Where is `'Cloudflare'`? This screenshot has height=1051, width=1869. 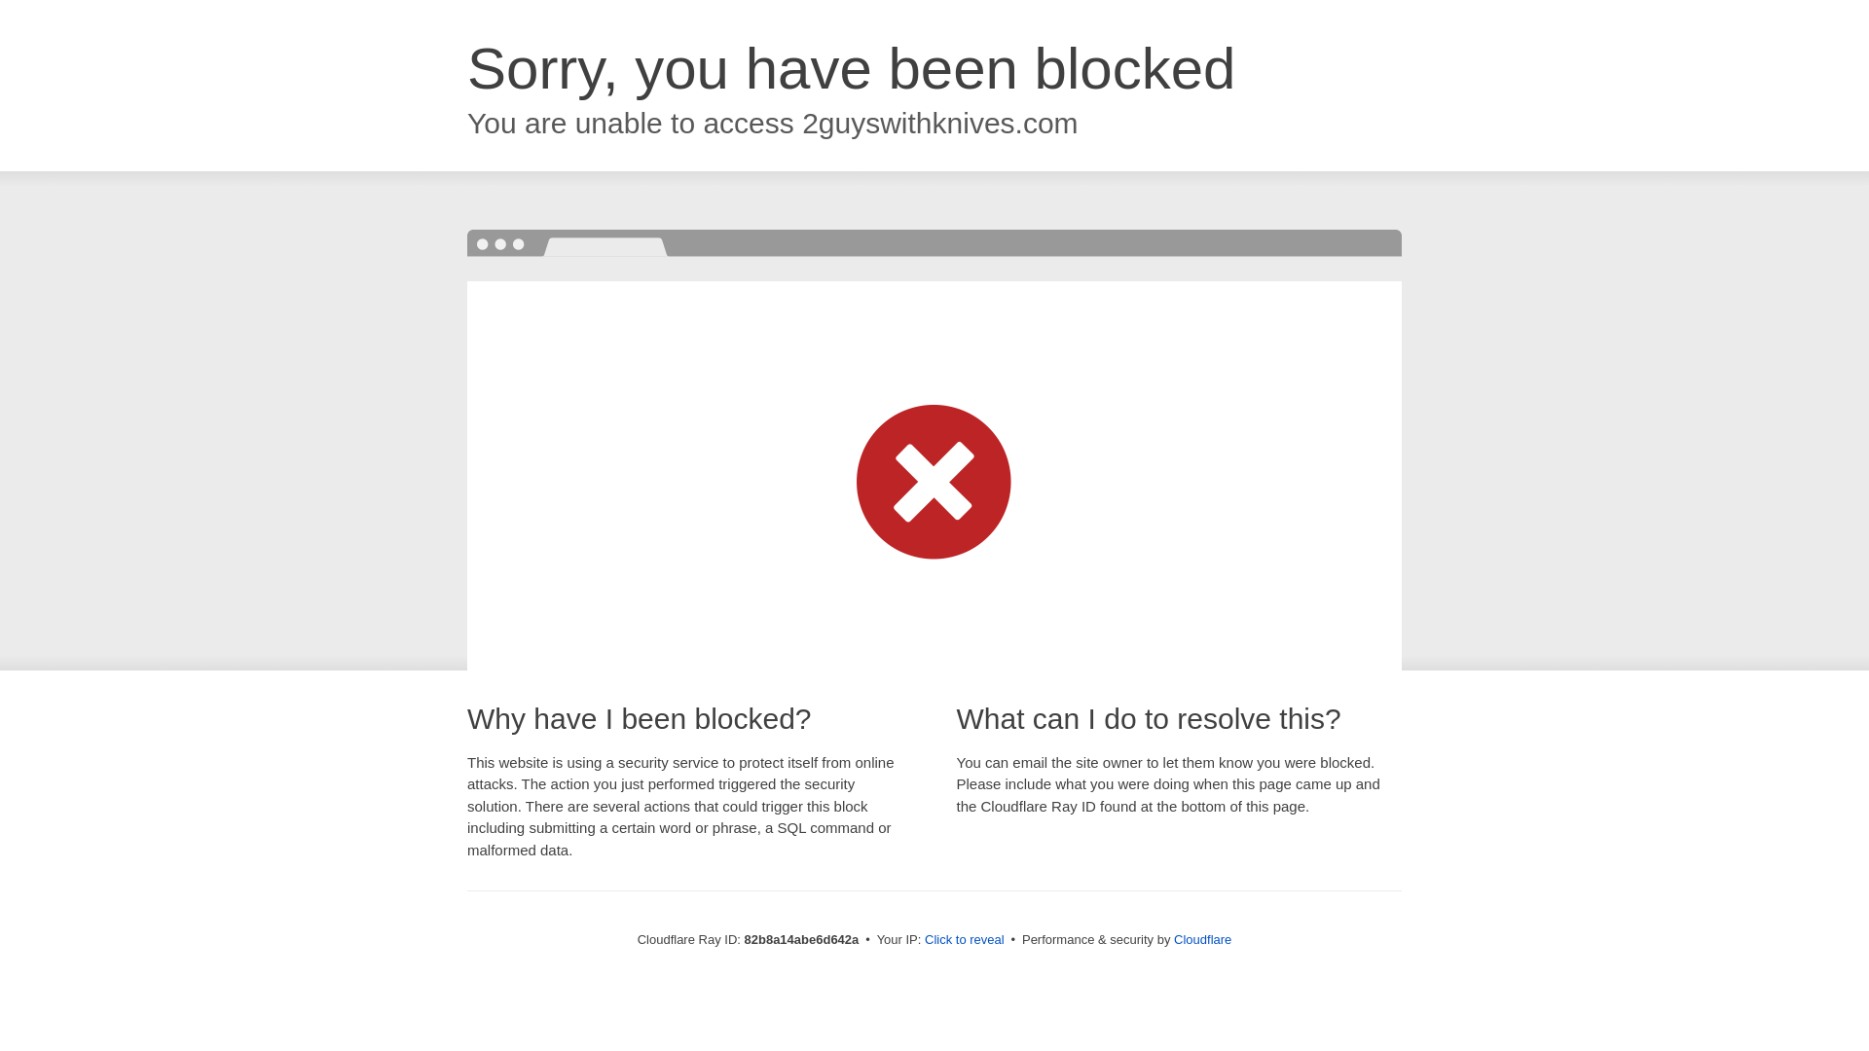 'Cloudflare' is located at coordinates (1172, 938).